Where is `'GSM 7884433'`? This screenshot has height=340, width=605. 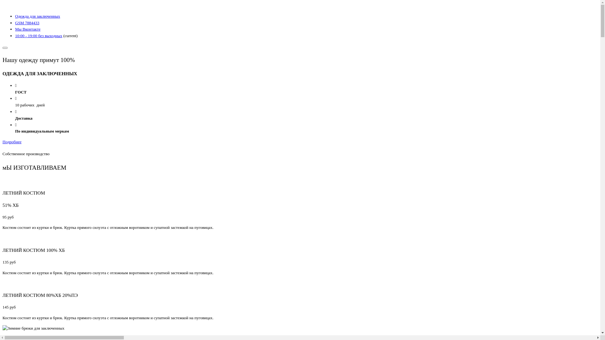
'GSM 7884433' is located at coordinates (15, 22).